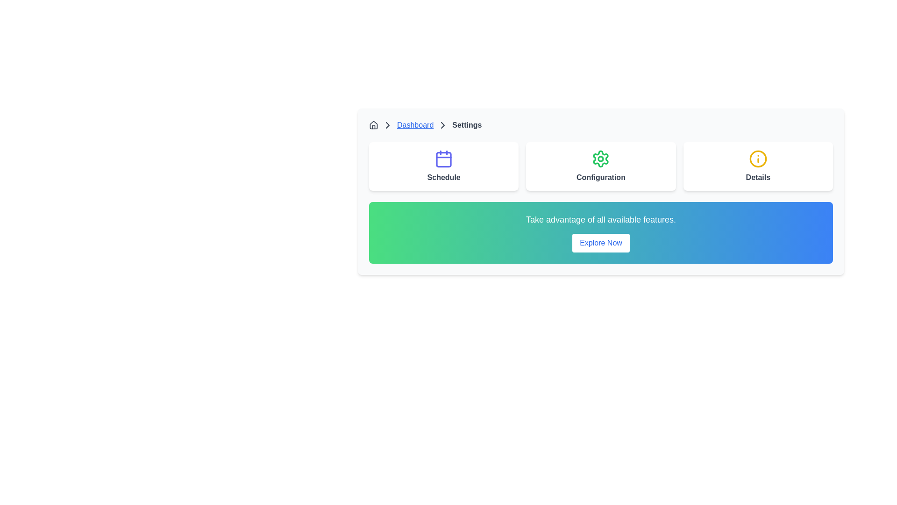  Describe the element at coordinates (758, 158) in the screenshot. I see `the yellow circular icon with an info symbol at its center, located at the top-center portion of the 'Details' card, directly above the 'Details' text label` at that location.